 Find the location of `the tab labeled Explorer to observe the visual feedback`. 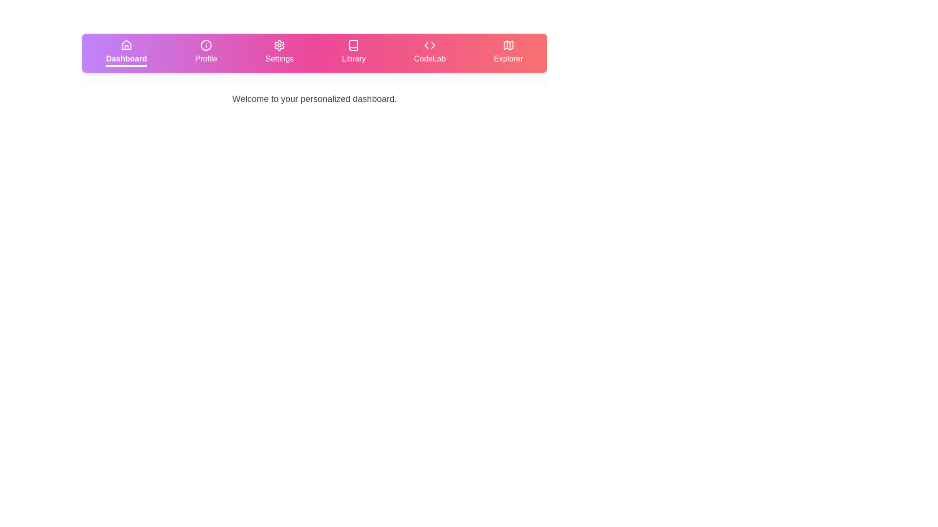

the tab labeled Explorer to observe the visual feedback is located at coordinates (508, 53).